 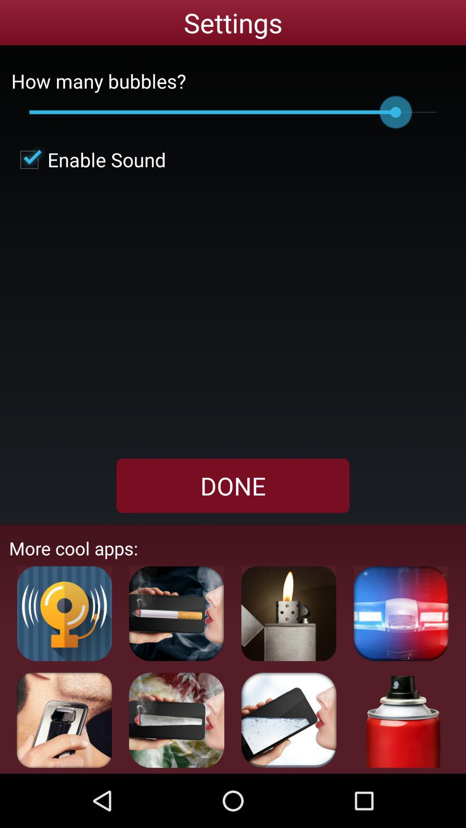 I want to click on item at the top left corner, so click(x=88, y=160).